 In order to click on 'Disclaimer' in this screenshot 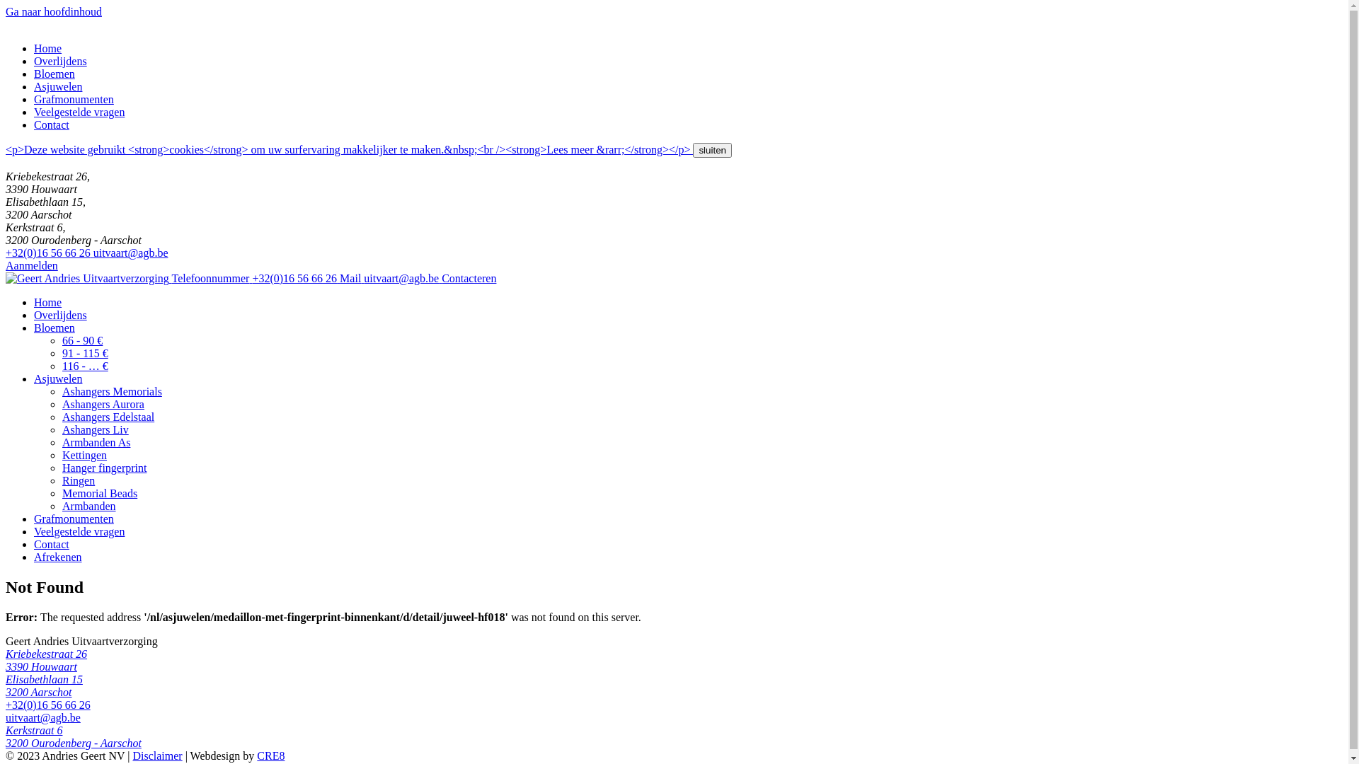, I will do `click(156, 755)`.